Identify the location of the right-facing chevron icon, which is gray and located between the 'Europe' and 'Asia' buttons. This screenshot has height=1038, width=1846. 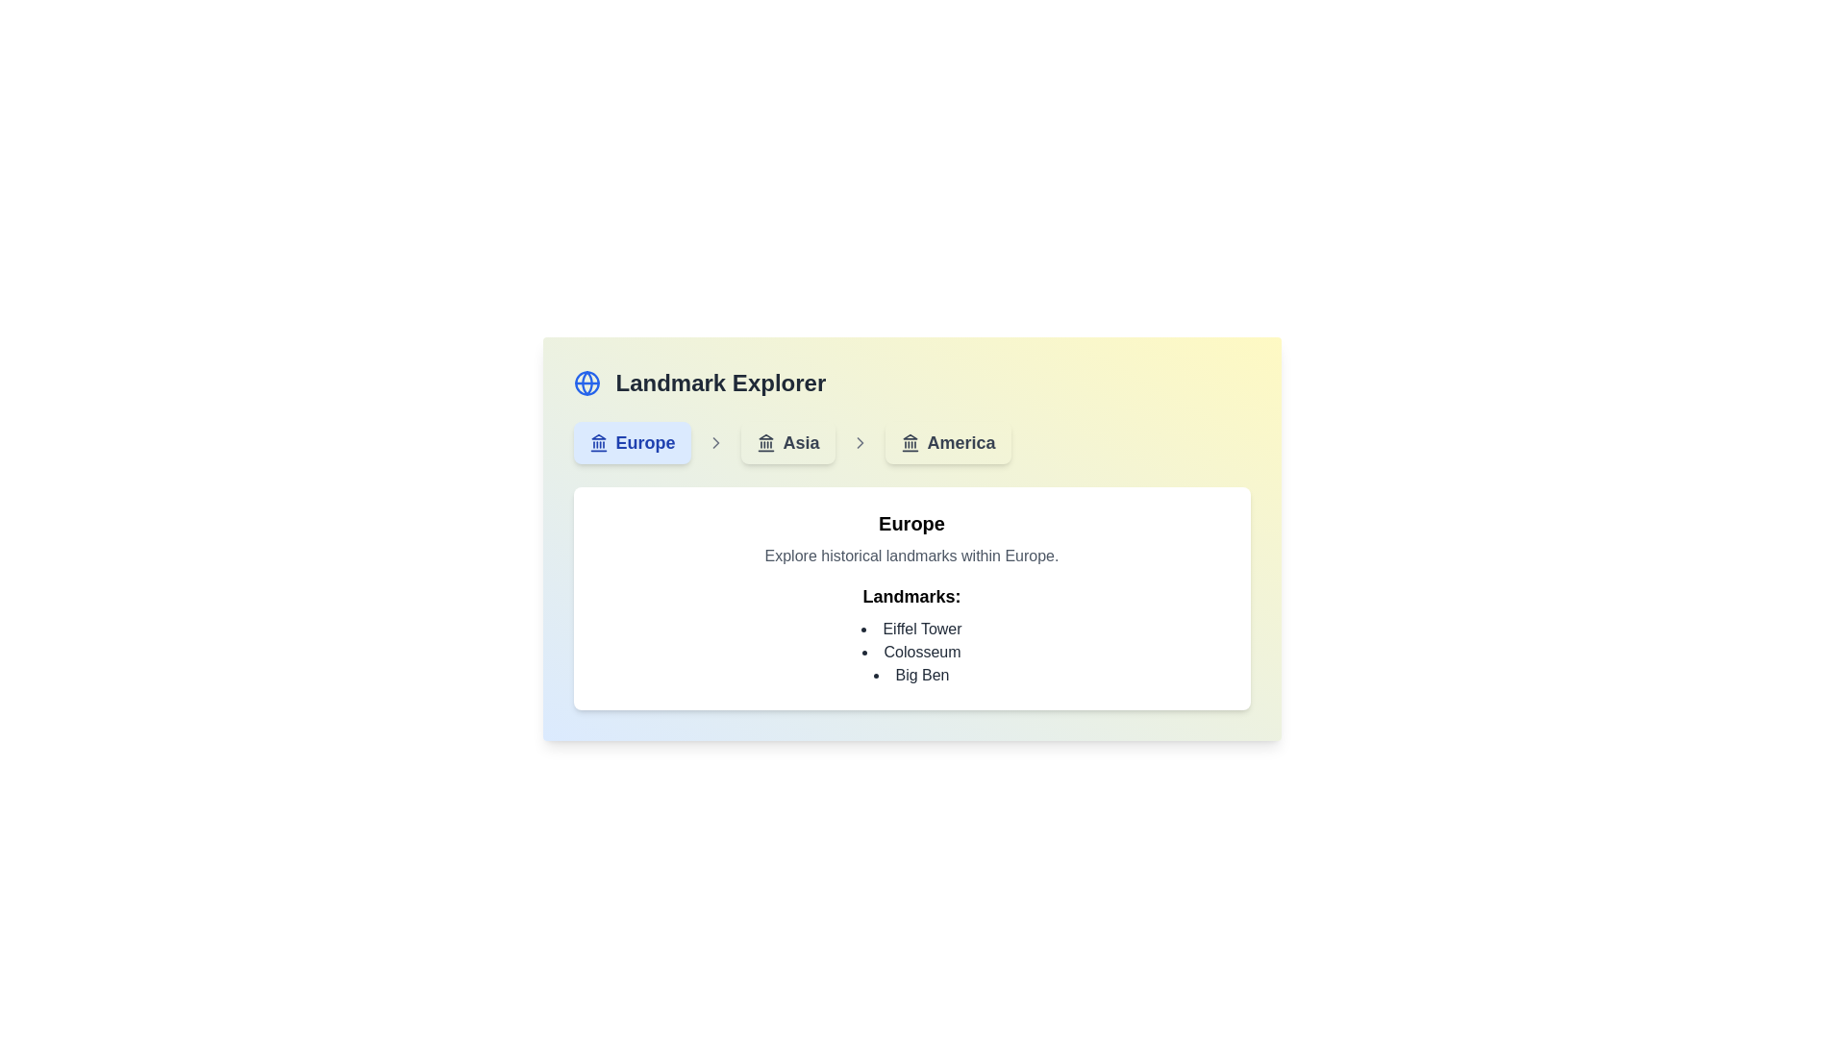
(714, 443).